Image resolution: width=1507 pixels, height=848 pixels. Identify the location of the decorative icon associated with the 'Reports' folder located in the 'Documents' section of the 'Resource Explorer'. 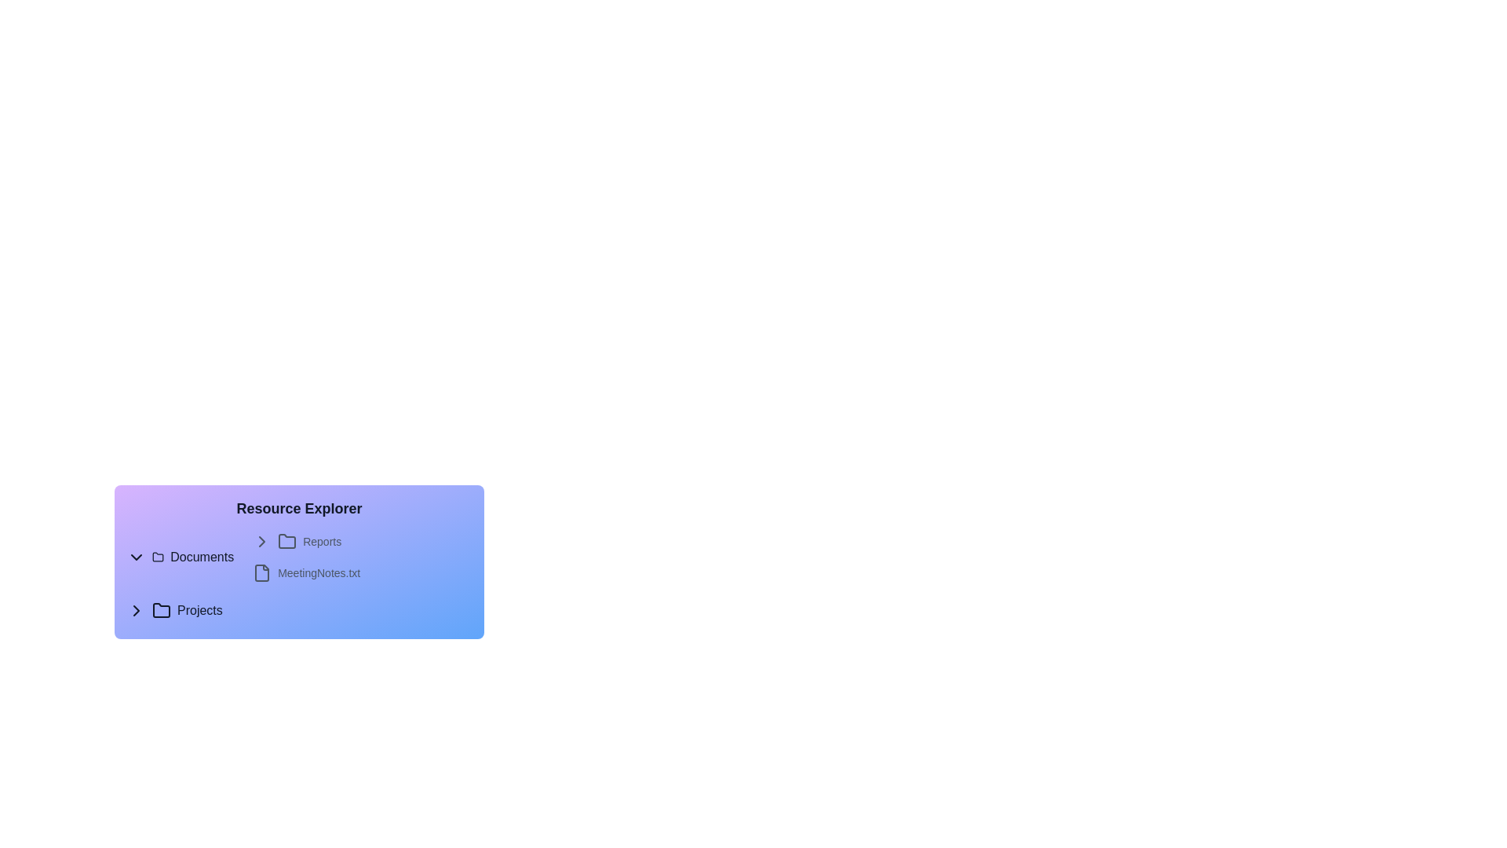
(262, 541).